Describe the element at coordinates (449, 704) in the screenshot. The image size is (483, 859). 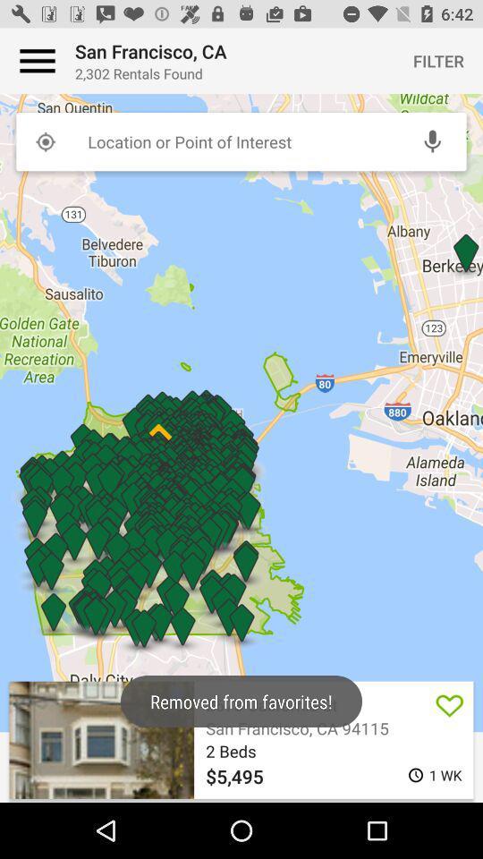
I see `the favorite icon` at that location.